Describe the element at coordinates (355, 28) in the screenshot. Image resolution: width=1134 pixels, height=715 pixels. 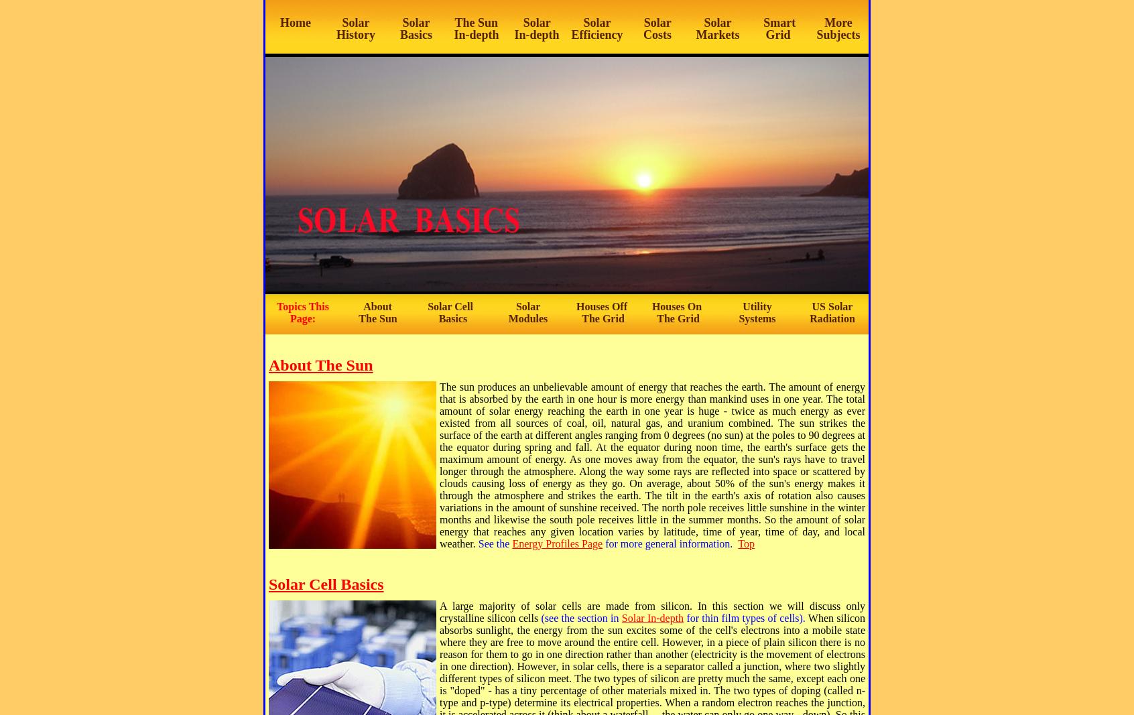
I see `'Solar History'` at that location.